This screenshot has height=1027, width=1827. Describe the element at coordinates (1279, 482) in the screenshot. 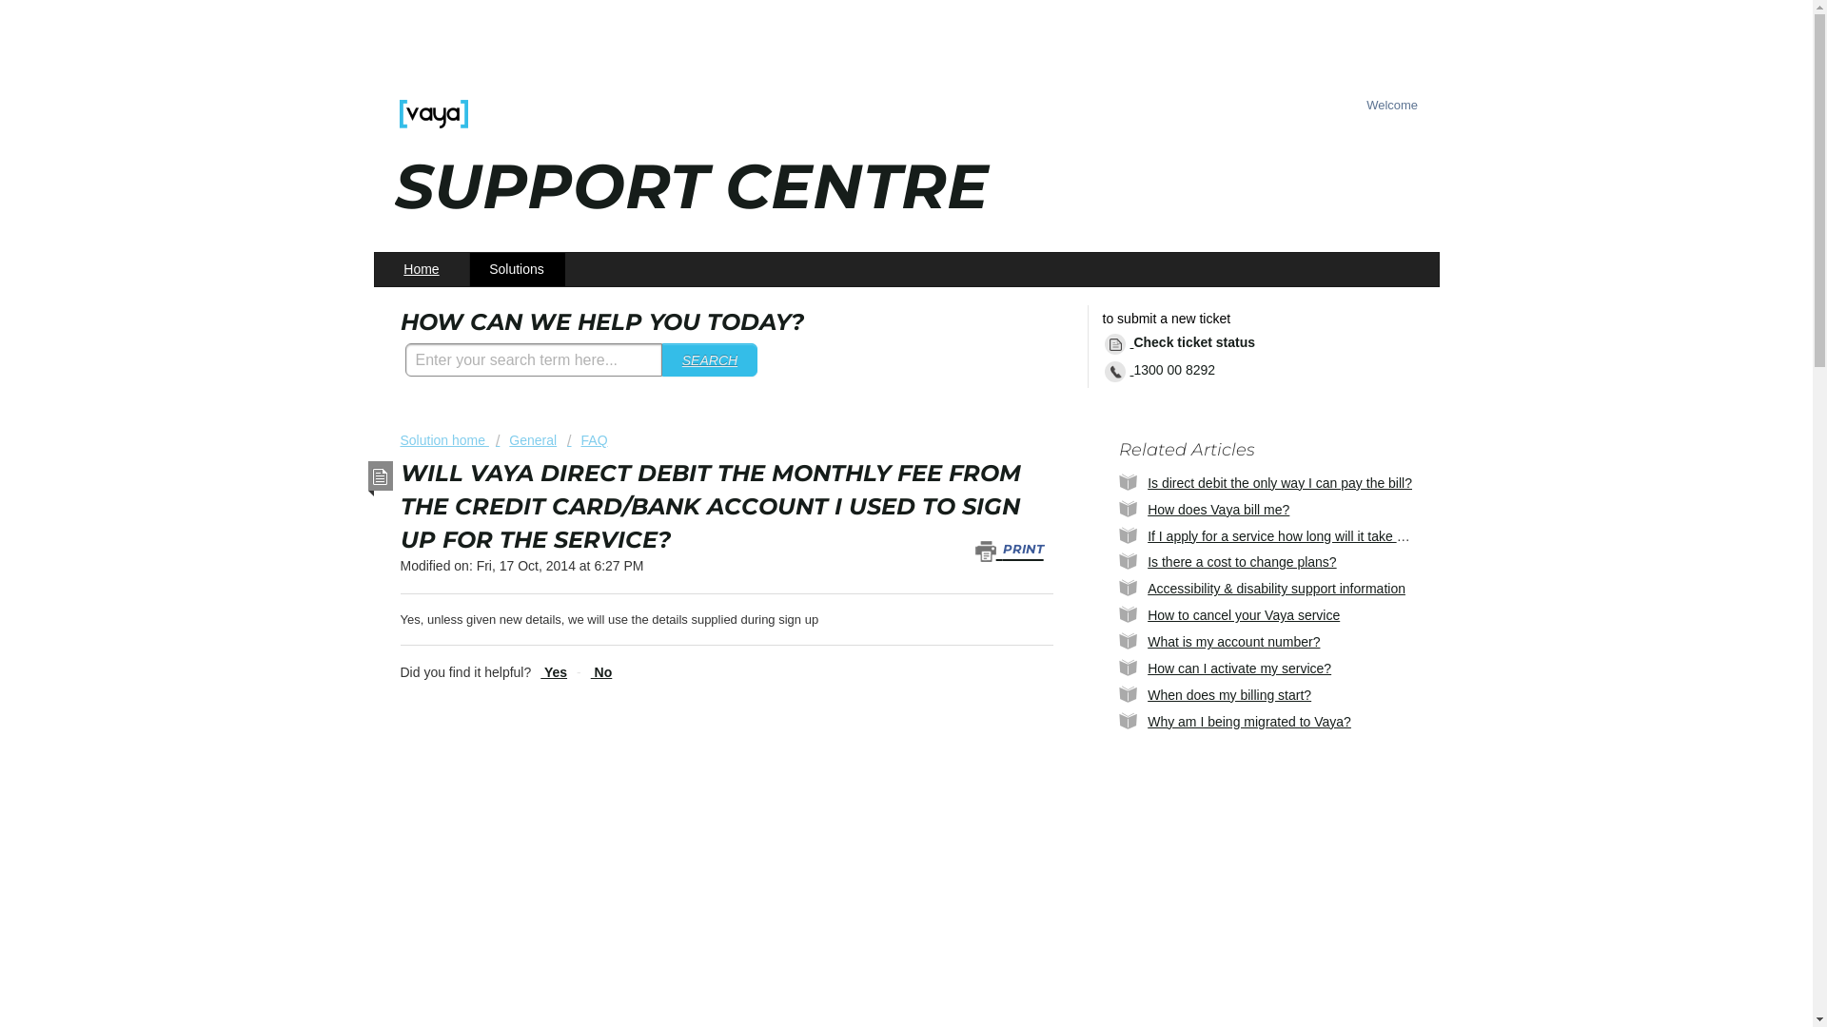

I see `'Is direct debit the only way I can pay the bill?'` at that location.